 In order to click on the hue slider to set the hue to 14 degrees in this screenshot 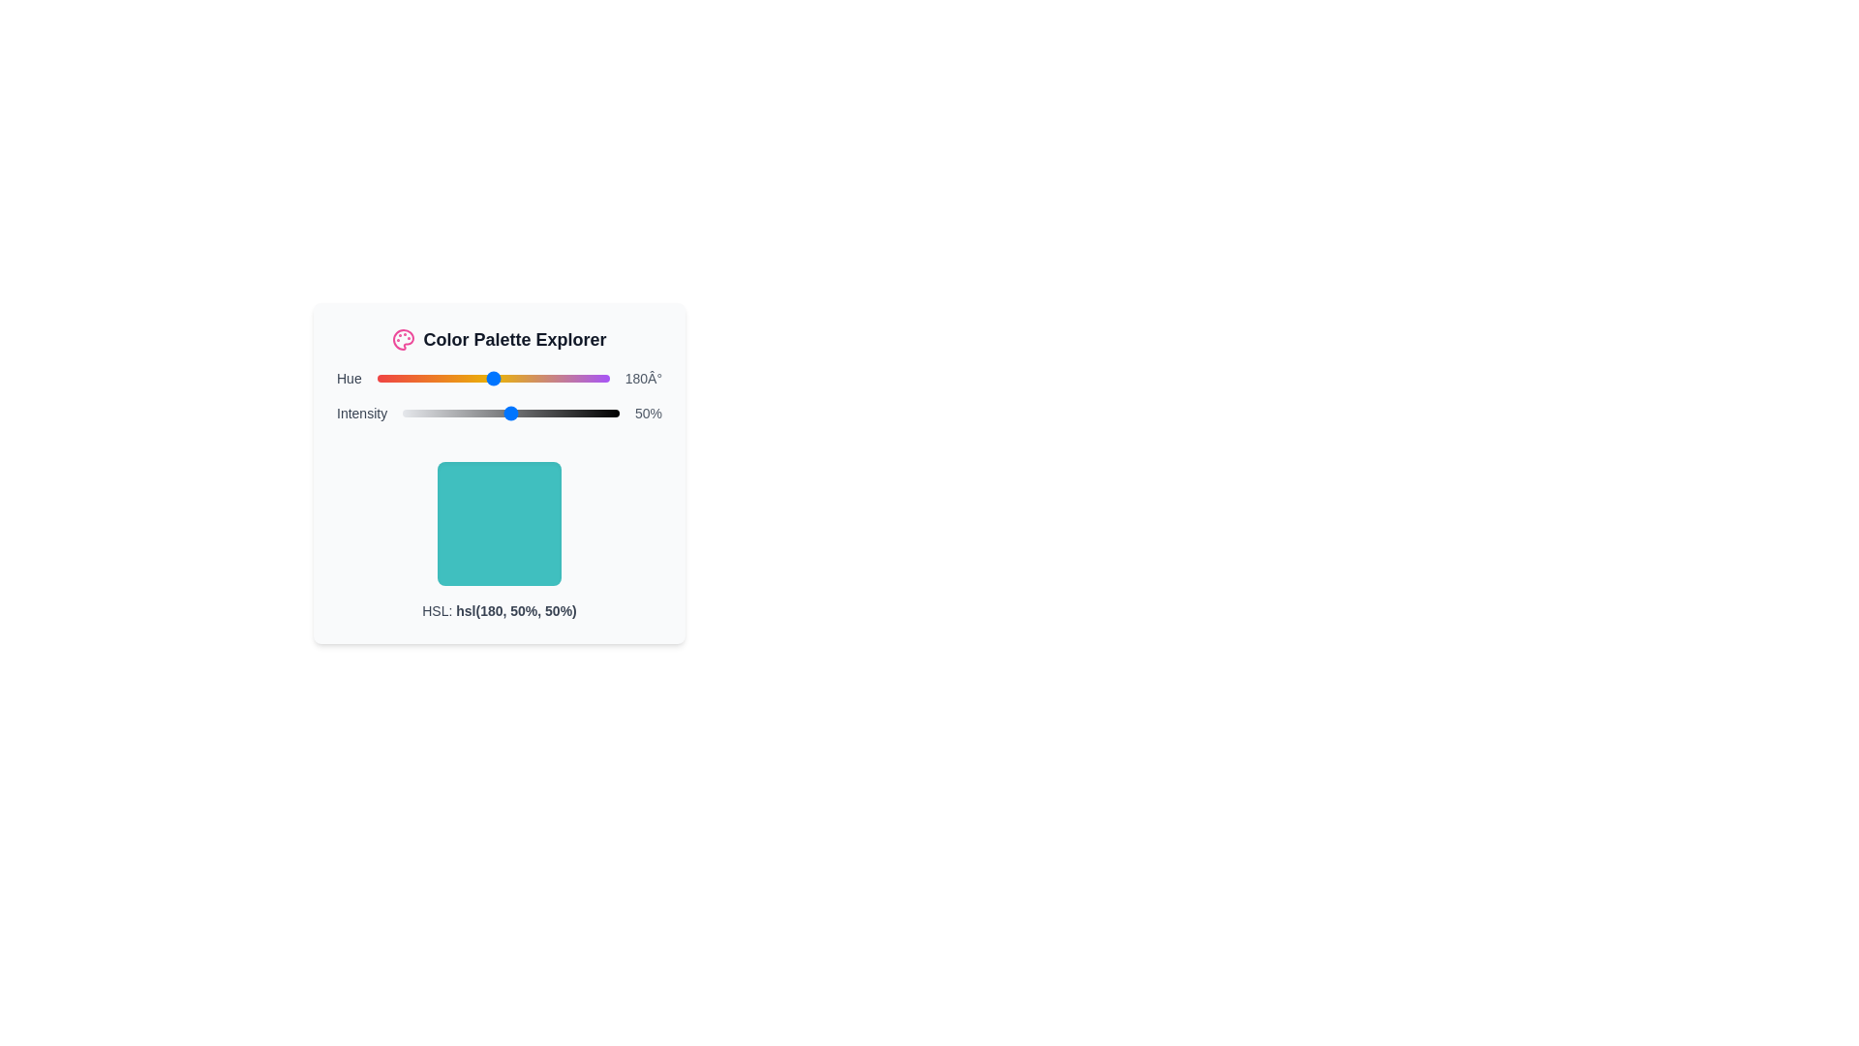, I will do `click(385, 378)`.